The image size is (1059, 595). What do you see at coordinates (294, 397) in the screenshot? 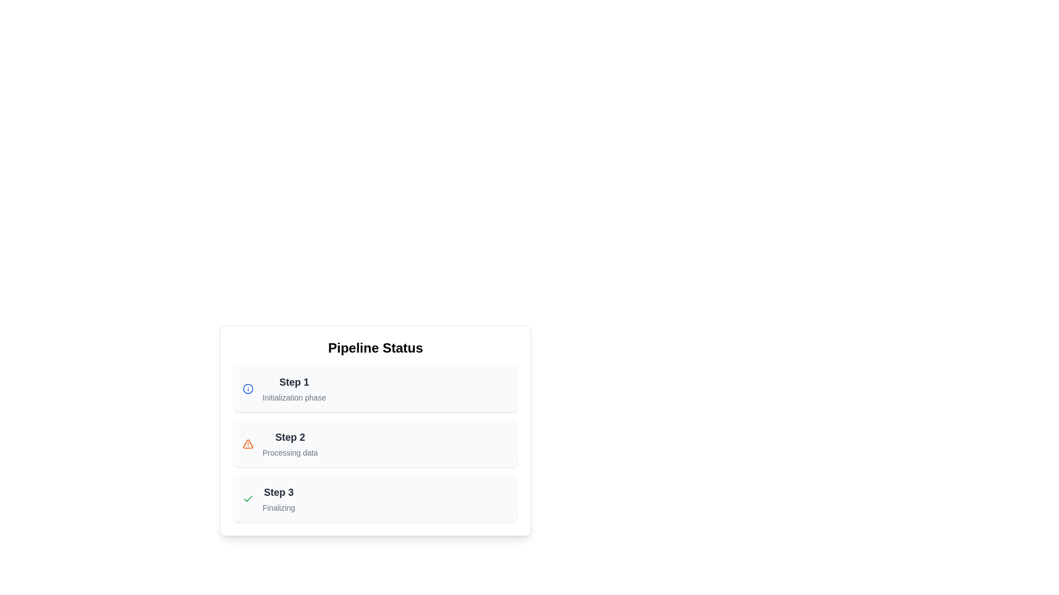
I see `the descriptive Text Label for 'Step 1' which provides information about the current stage of progression` at bounding box center [294, 397].